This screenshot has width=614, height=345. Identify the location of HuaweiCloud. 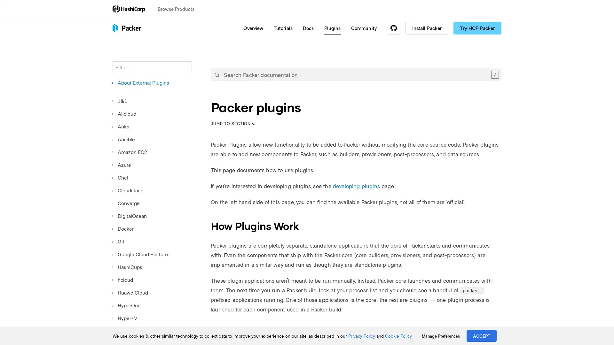
(130, 292).